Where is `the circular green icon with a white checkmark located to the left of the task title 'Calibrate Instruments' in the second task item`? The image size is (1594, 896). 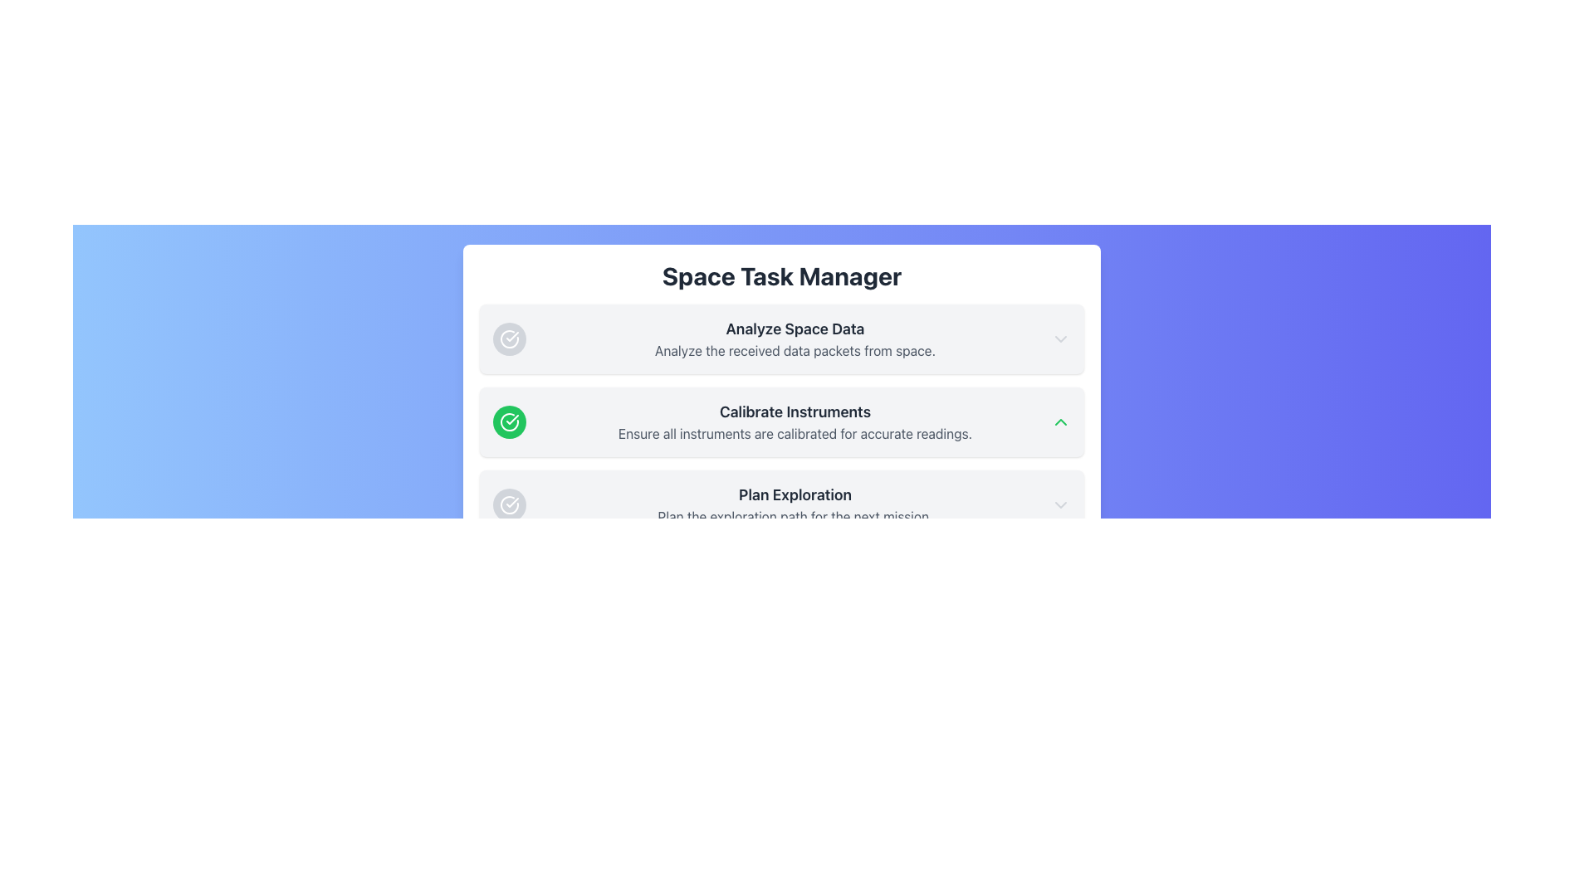 the circular green icon with a white checkmark located to the left of the task title 'Calibrate Instruments' in the second task item is located at coordinates (509, 421).